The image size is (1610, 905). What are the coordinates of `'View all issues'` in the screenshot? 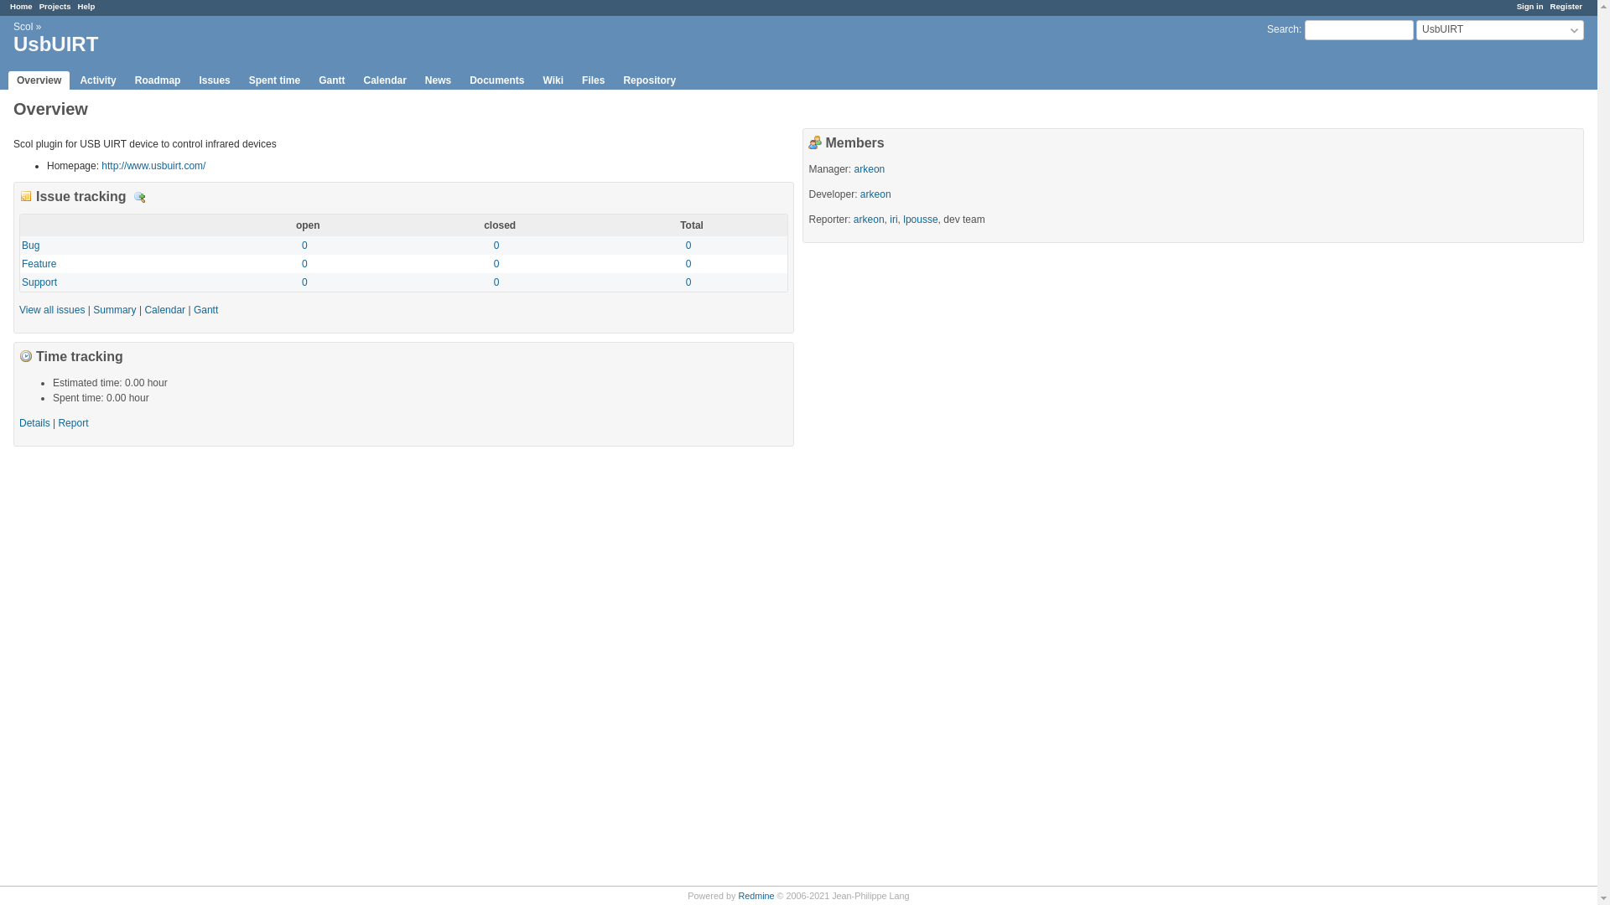 It's located at (52, 310).